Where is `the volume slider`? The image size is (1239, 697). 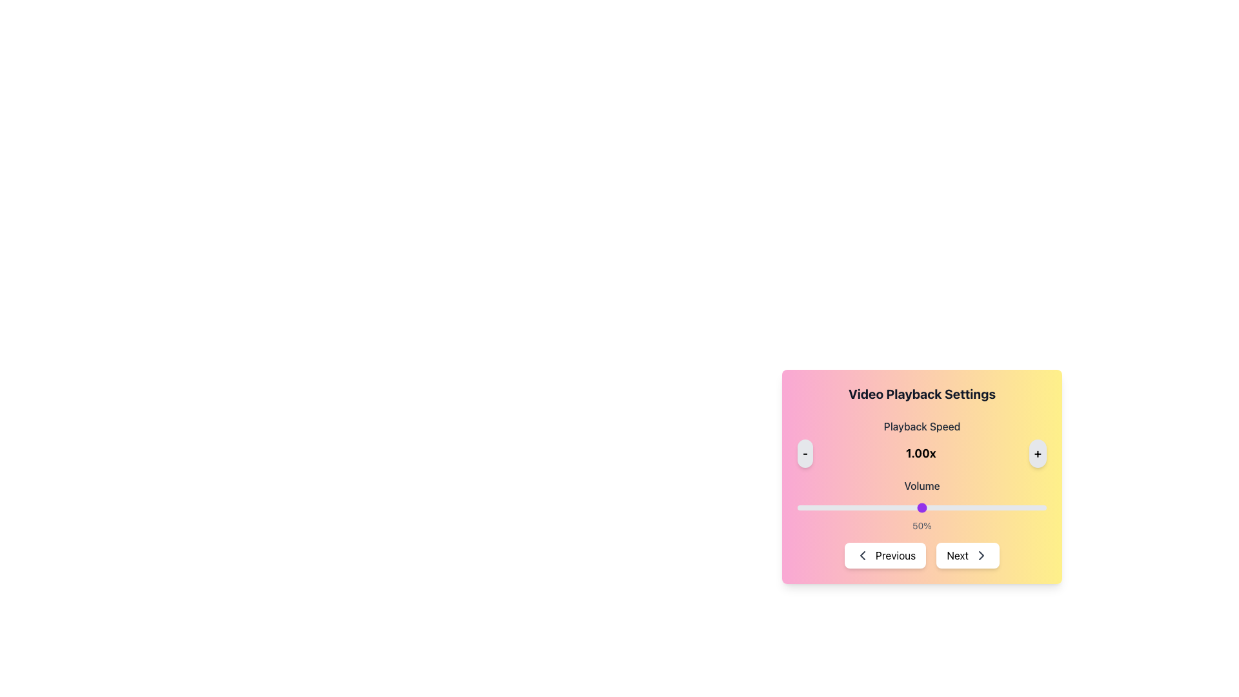
the volume slider is located at coordinates (922, 507).